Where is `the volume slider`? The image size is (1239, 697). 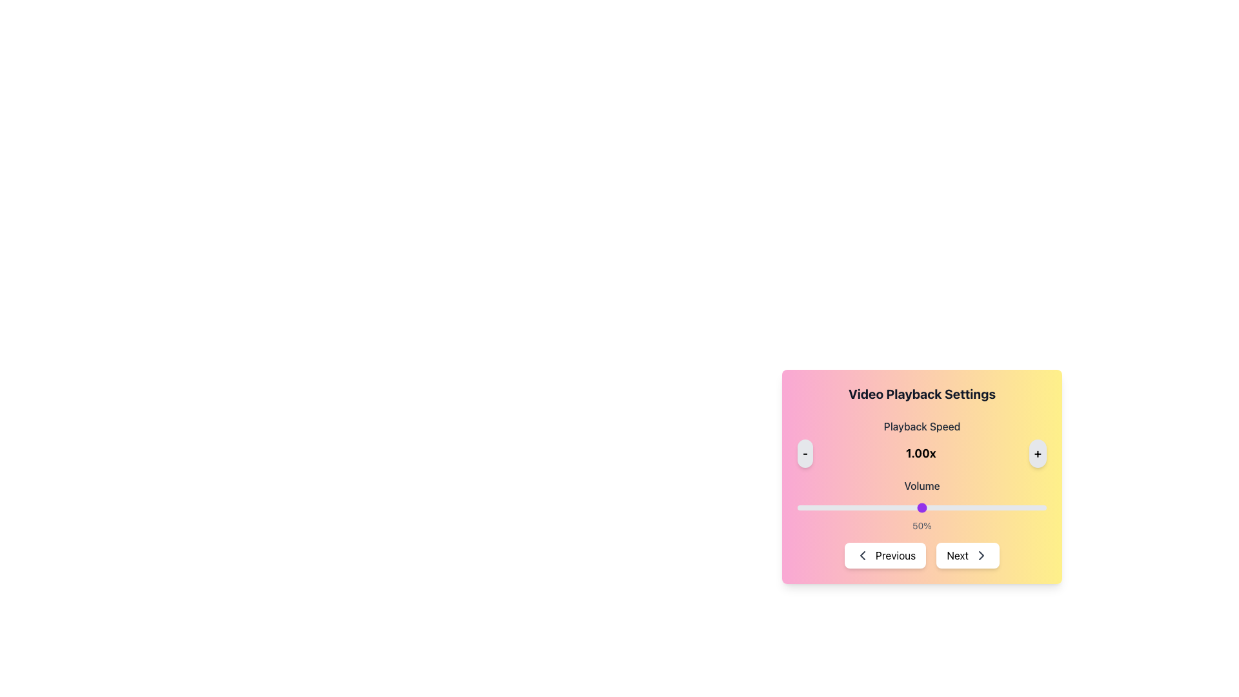
the volume slider is located at coordinates (922, 507).